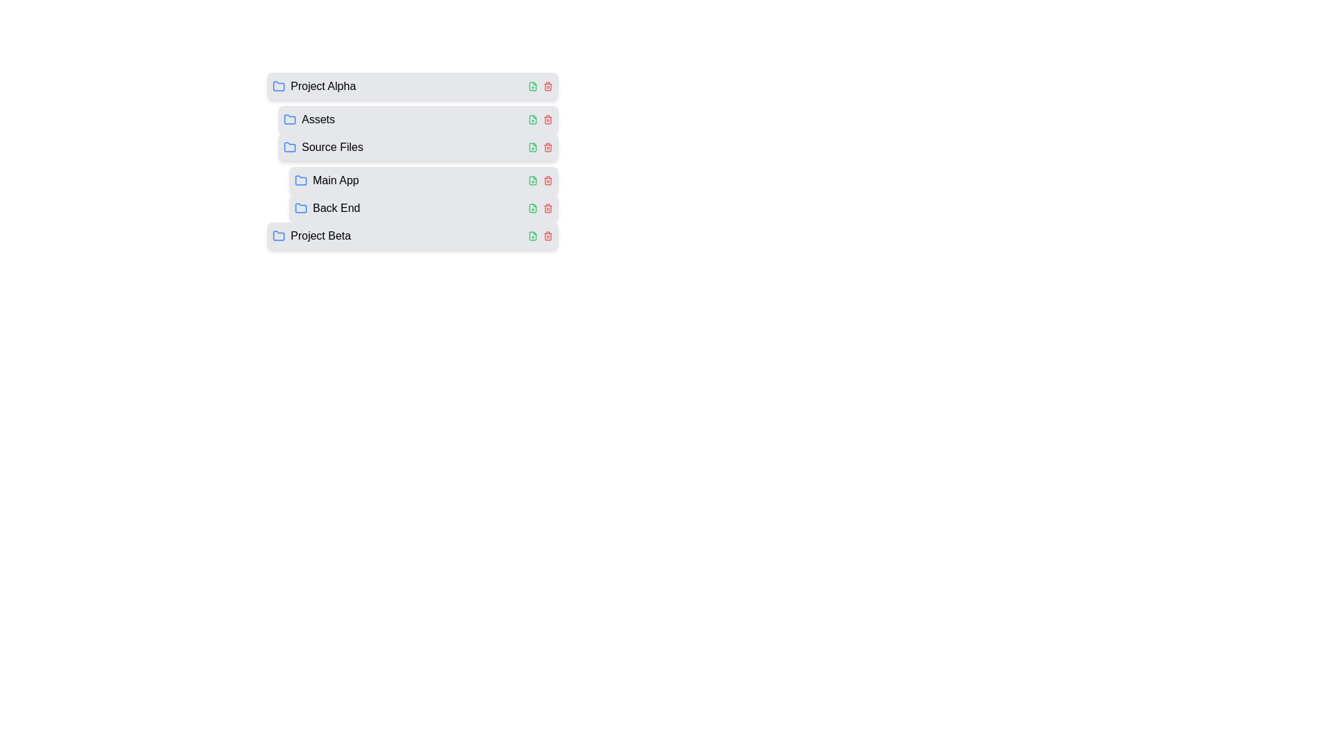 This screenshot has width=1329, height=748. I want to click on the blue folder icon in the 'Main App' combined visual label, so click(326, 180).